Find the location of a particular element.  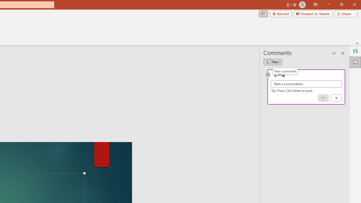

'Start a conversation' is located at coordinates (306, 84).